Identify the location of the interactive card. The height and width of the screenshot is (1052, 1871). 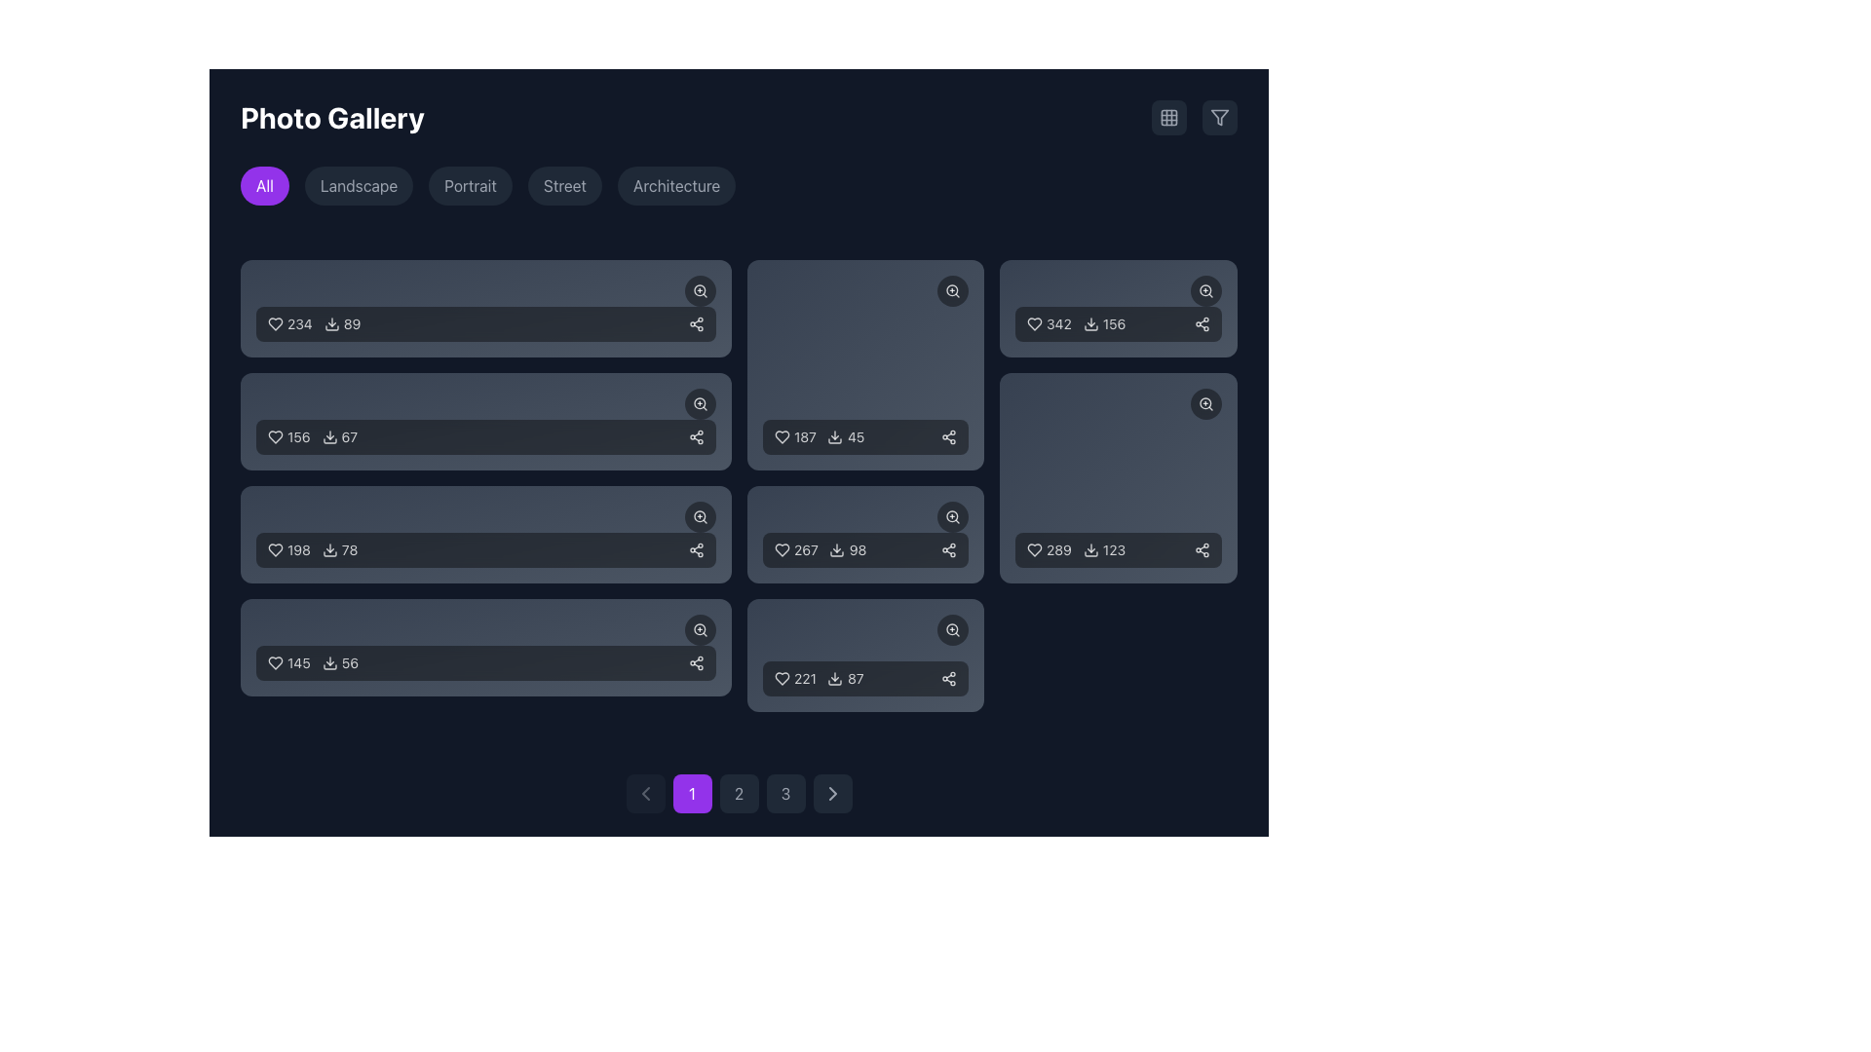
(864, 364).